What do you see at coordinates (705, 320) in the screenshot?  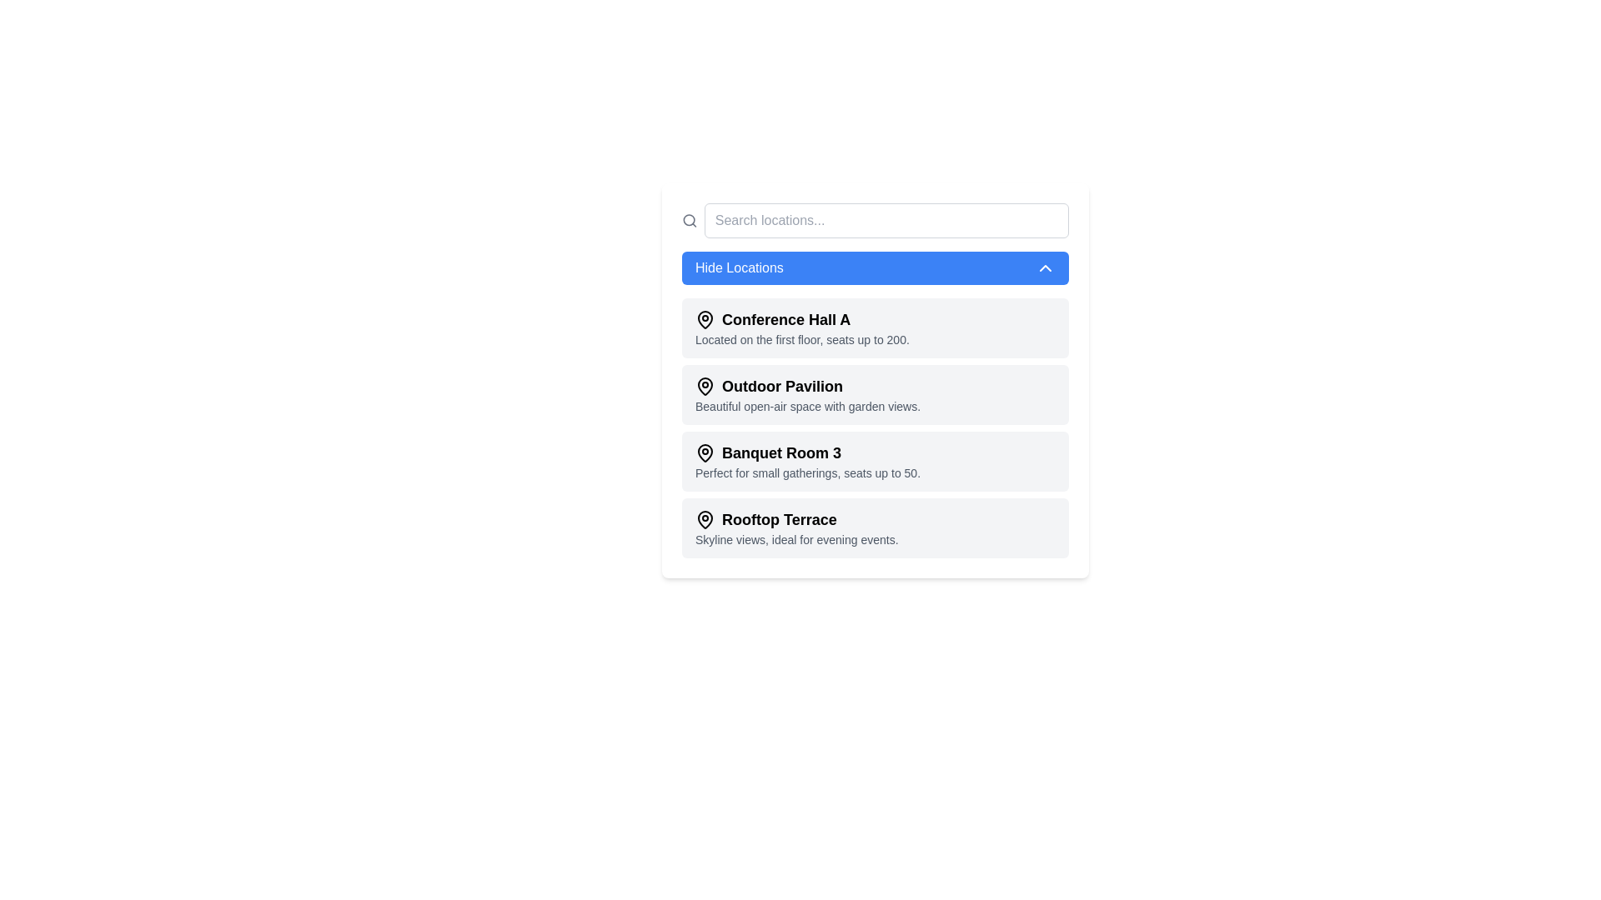 I see `the map pin icon located immediately to the left of the text label 'Conference Hall A'` at bounding box center [705, 320].